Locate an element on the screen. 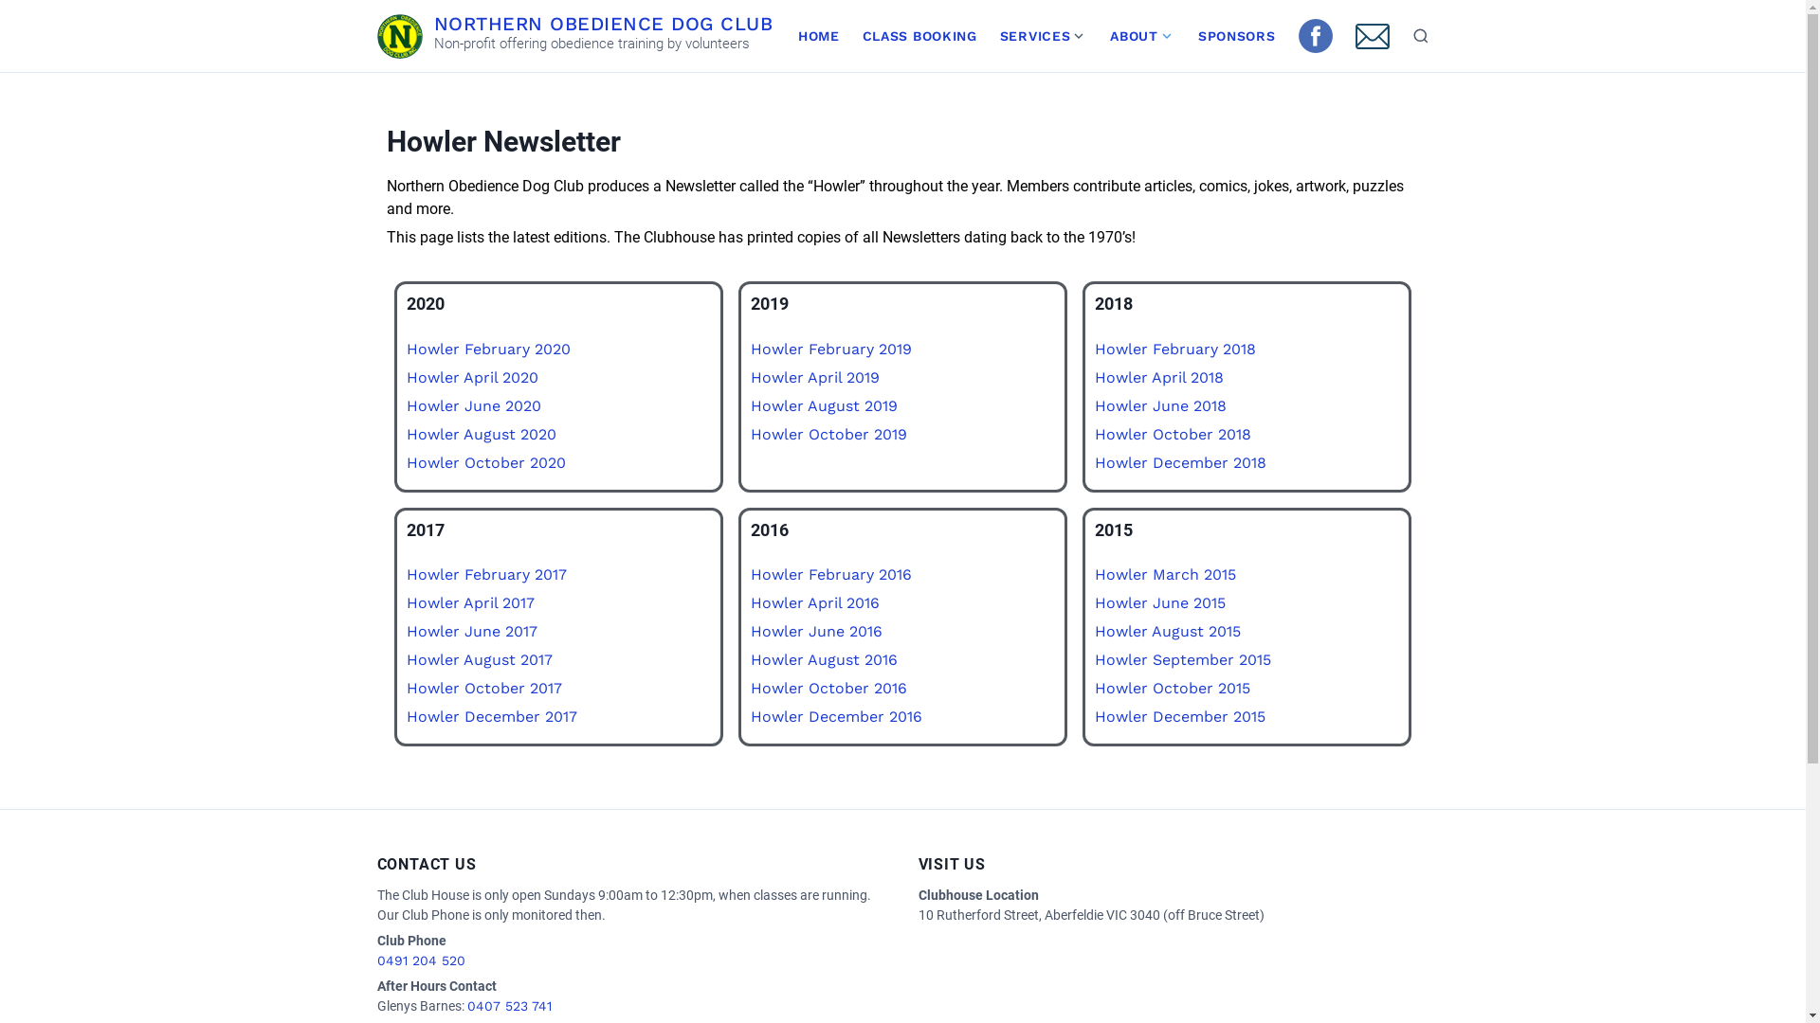 This screenshot has width=1820, height=1023. 'Howler June 2020' is located at coordinates (404, 404).